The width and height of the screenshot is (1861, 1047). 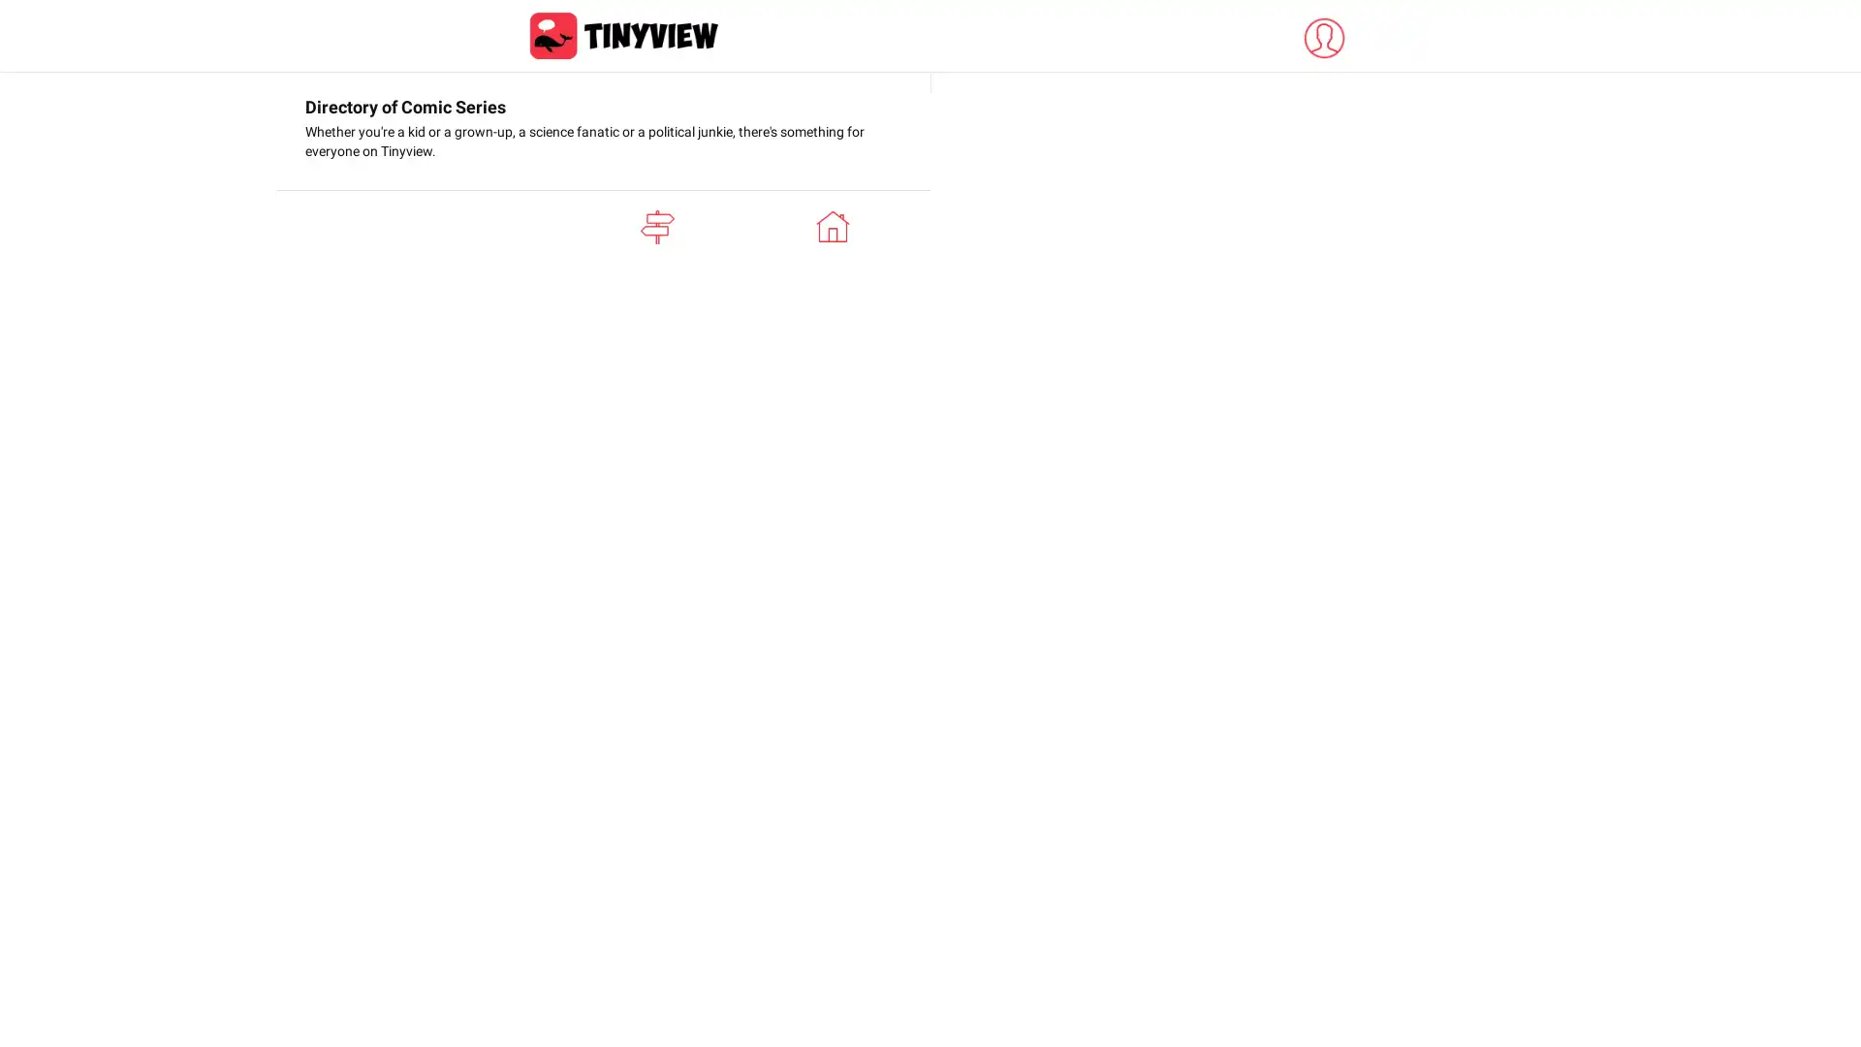 What do you see at coordinates (1321, 863) in the screenshot?
I see `Follow` at bounding box center [1321, 863].